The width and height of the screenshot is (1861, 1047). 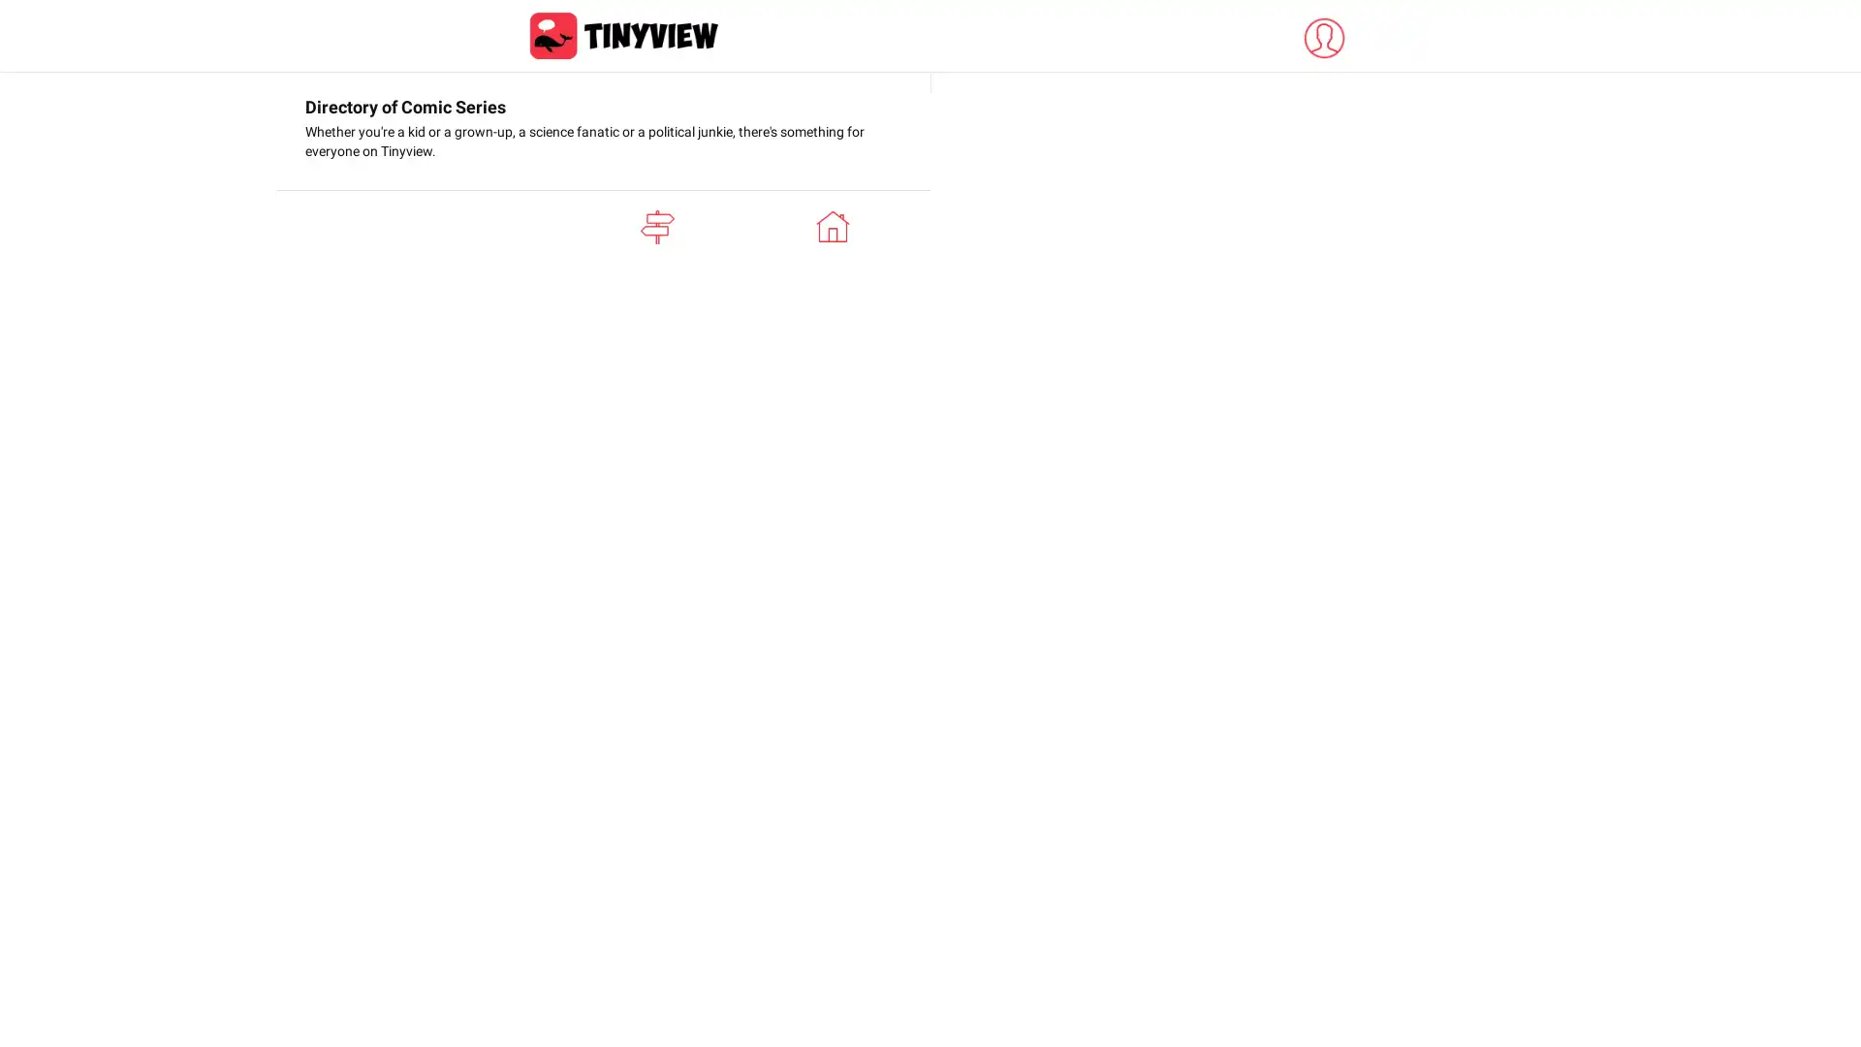 What do you see at coordinates (1321, 863) in the screenshot?
I see `Follow` at bounding box center [1321, 863].